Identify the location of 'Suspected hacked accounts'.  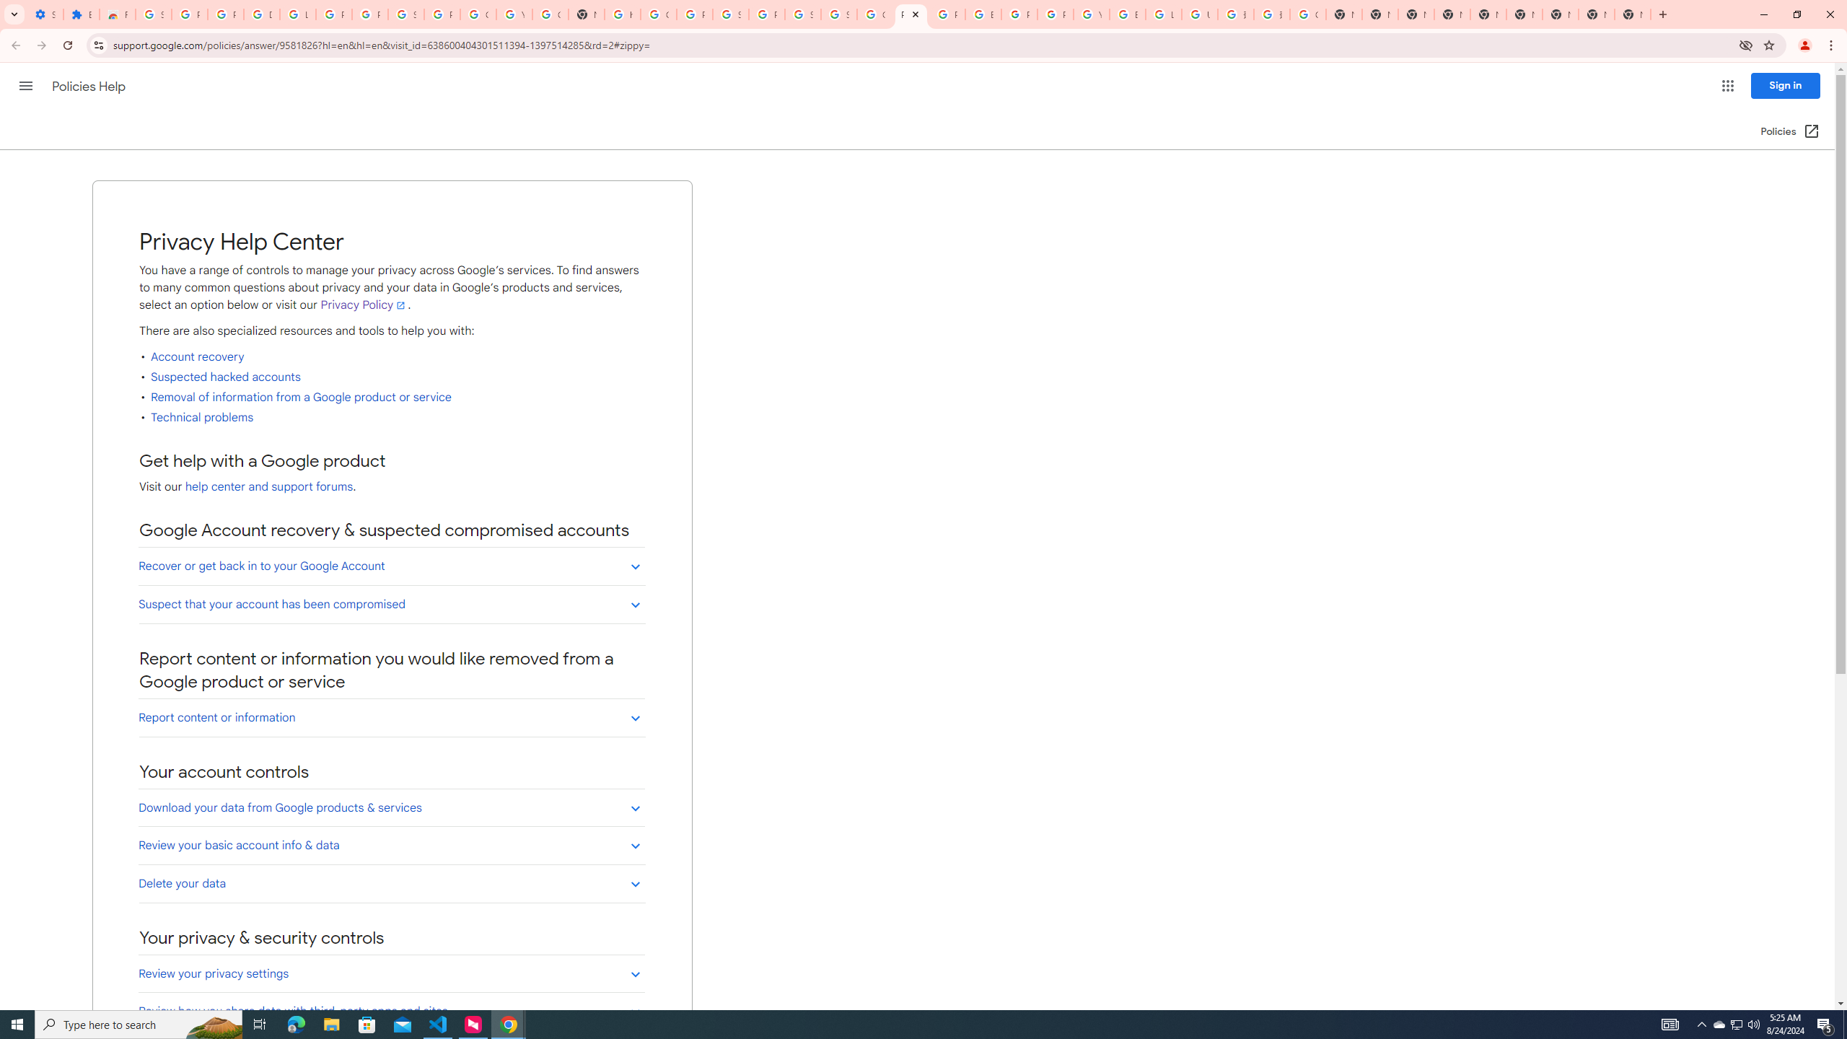
(226, 376).